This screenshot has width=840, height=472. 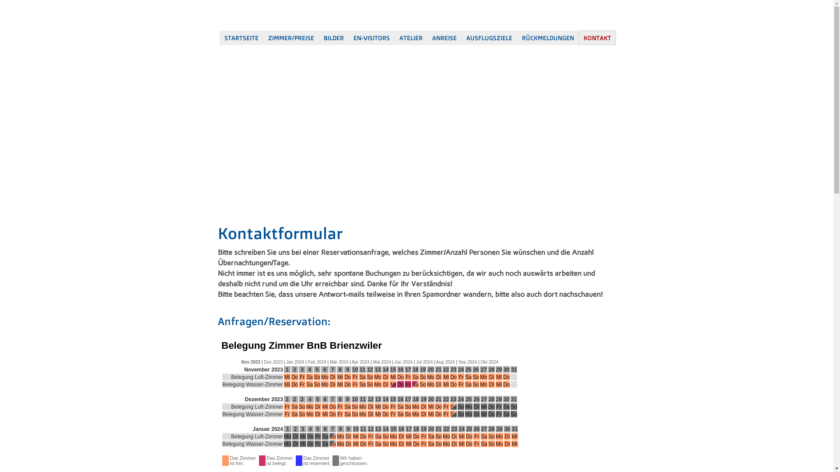 What do you see at coordinates (262, 37) in the screenshot?
I see `'ZIMMER/PREISE'` at bounding box center [262, 37].